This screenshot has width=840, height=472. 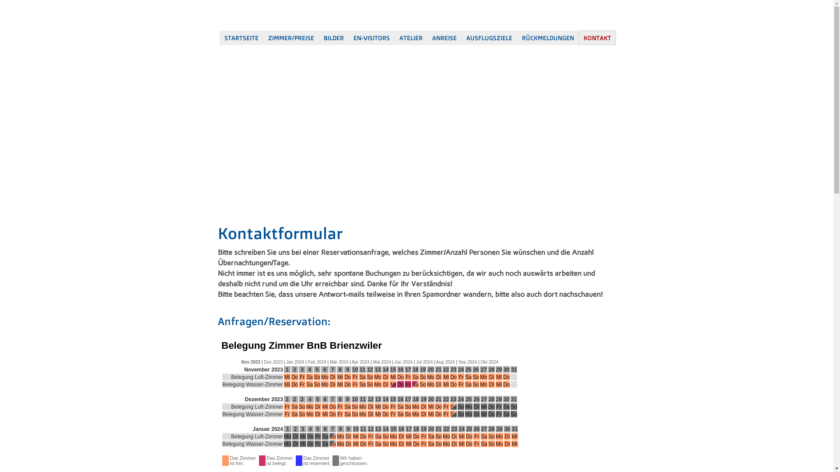 What do you see at coordinates (262, 37) in the screenshot?
I see `'ZIMMER/PREISE'` at bounding box center [262, 37].